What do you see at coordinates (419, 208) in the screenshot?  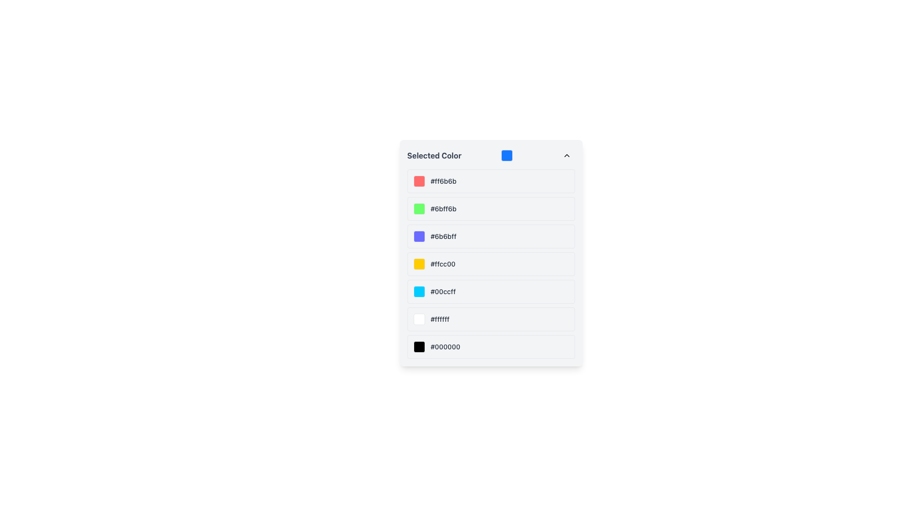 I see `the small green color indicator swatch with a gray border located on the left side of the descriptive text '#6bff6b'` at bounding box center [419, 208].